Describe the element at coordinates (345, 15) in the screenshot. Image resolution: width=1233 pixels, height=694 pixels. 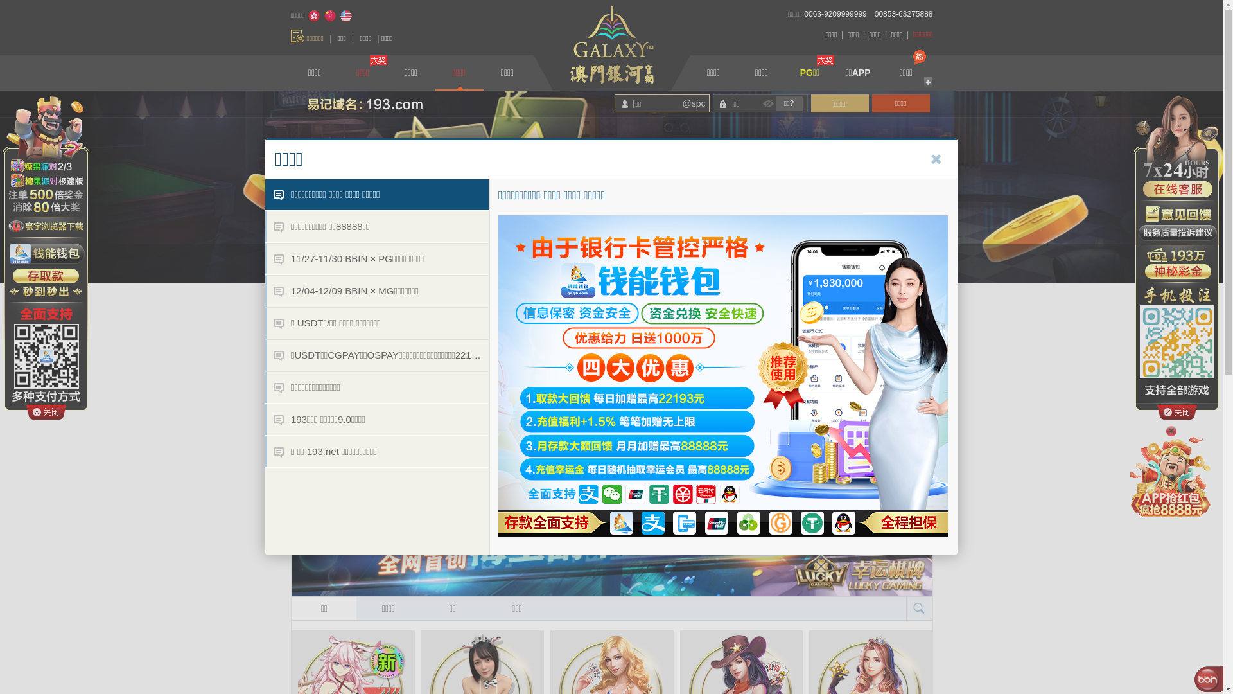
I see `'English'` at that location.